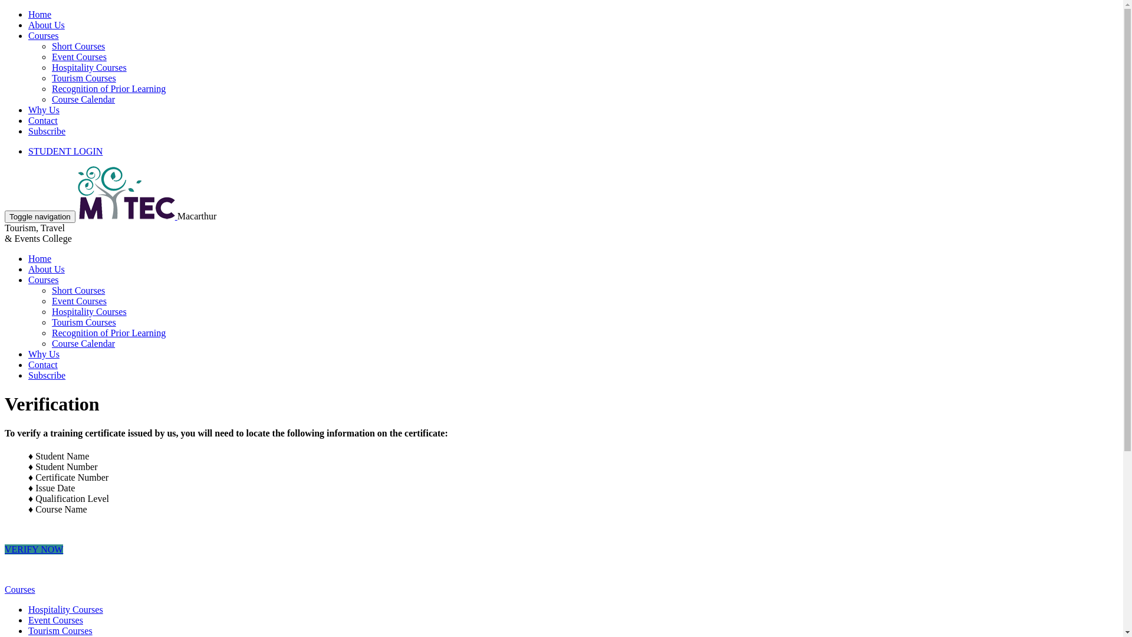 Image resolution: width=1132 pixels, height=637 pixels. Describe the element at coordinates (108, 88) in the screenshot. I see `'Recognition of Prior Learning'` at that location.